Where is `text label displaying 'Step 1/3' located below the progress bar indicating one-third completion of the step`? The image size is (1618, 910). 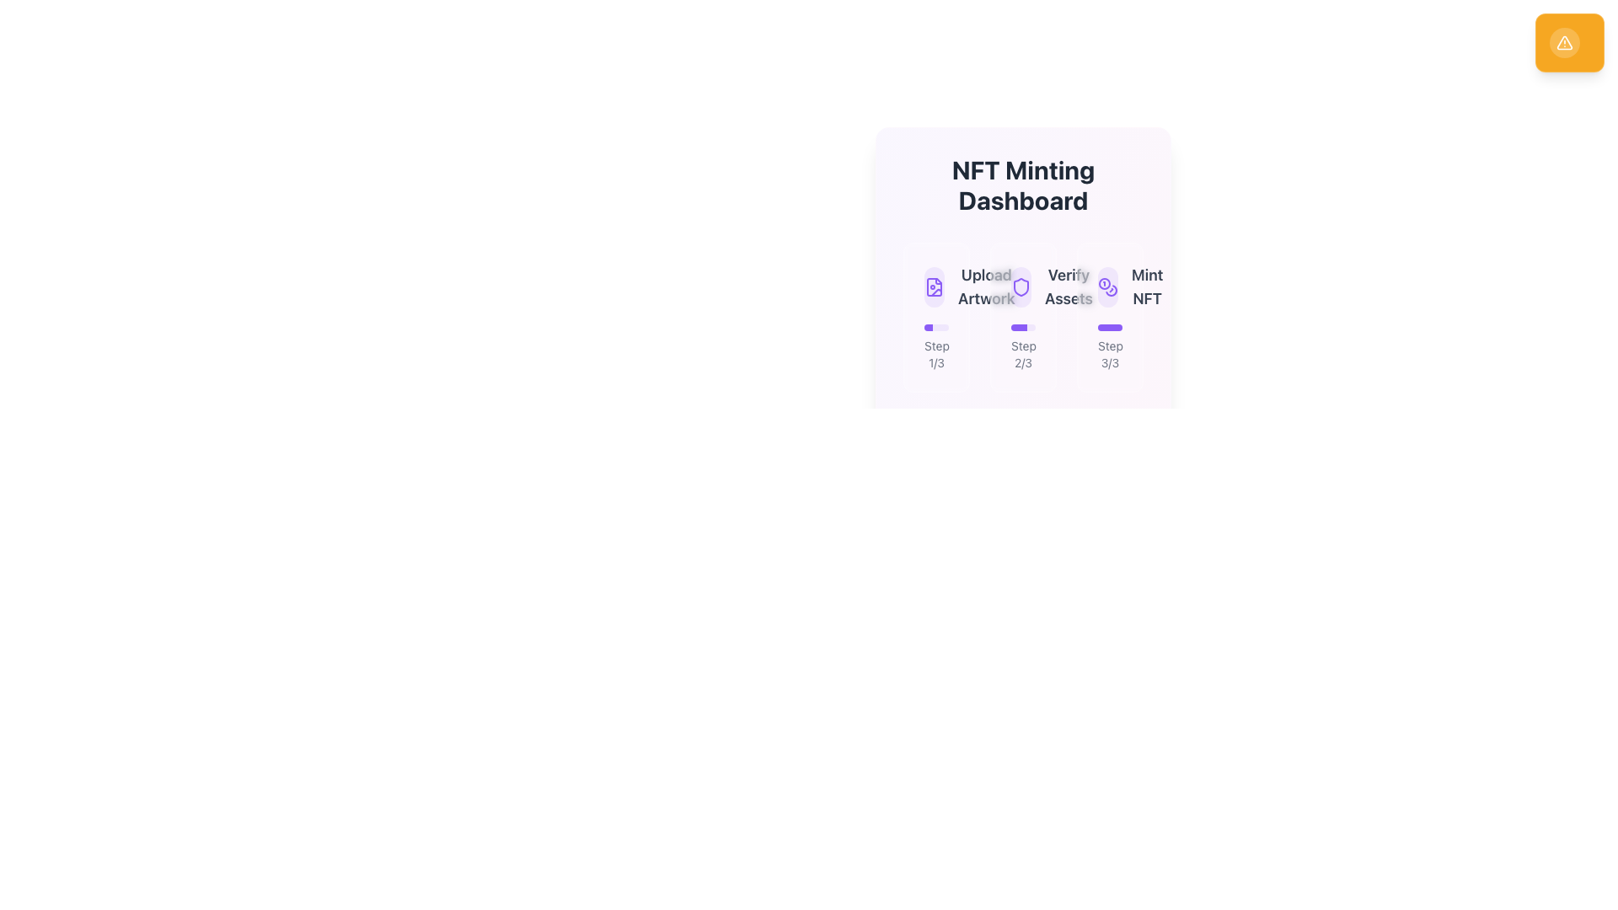
text label displaying 'Step 1/3' located below the progress bar indicating one-third completion of the step is located at coordinates (935, 353).